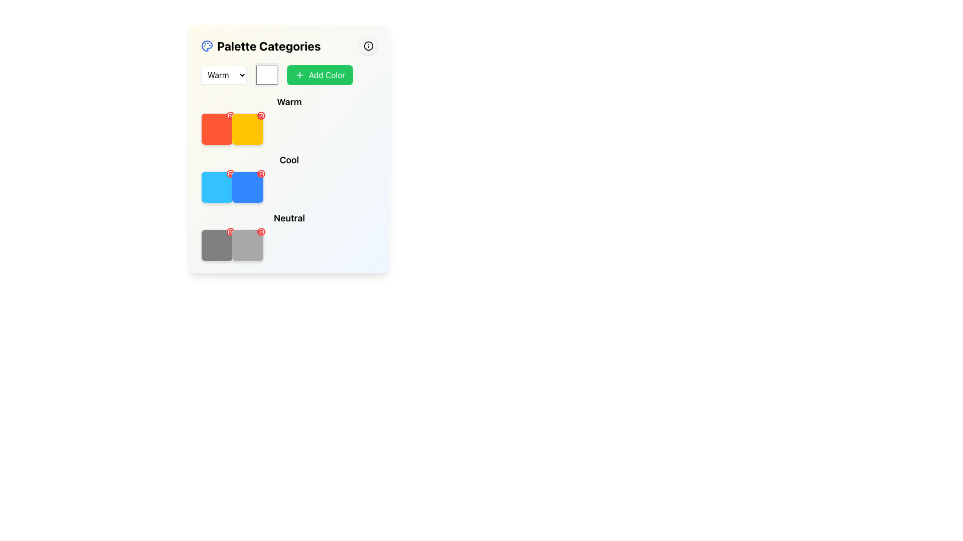  Describe the element at coordinates (288, 102) in the screenshot. I see `the 'Warm' category label in the color palette selector, which is centrally positioned above two colored squares` at that location.